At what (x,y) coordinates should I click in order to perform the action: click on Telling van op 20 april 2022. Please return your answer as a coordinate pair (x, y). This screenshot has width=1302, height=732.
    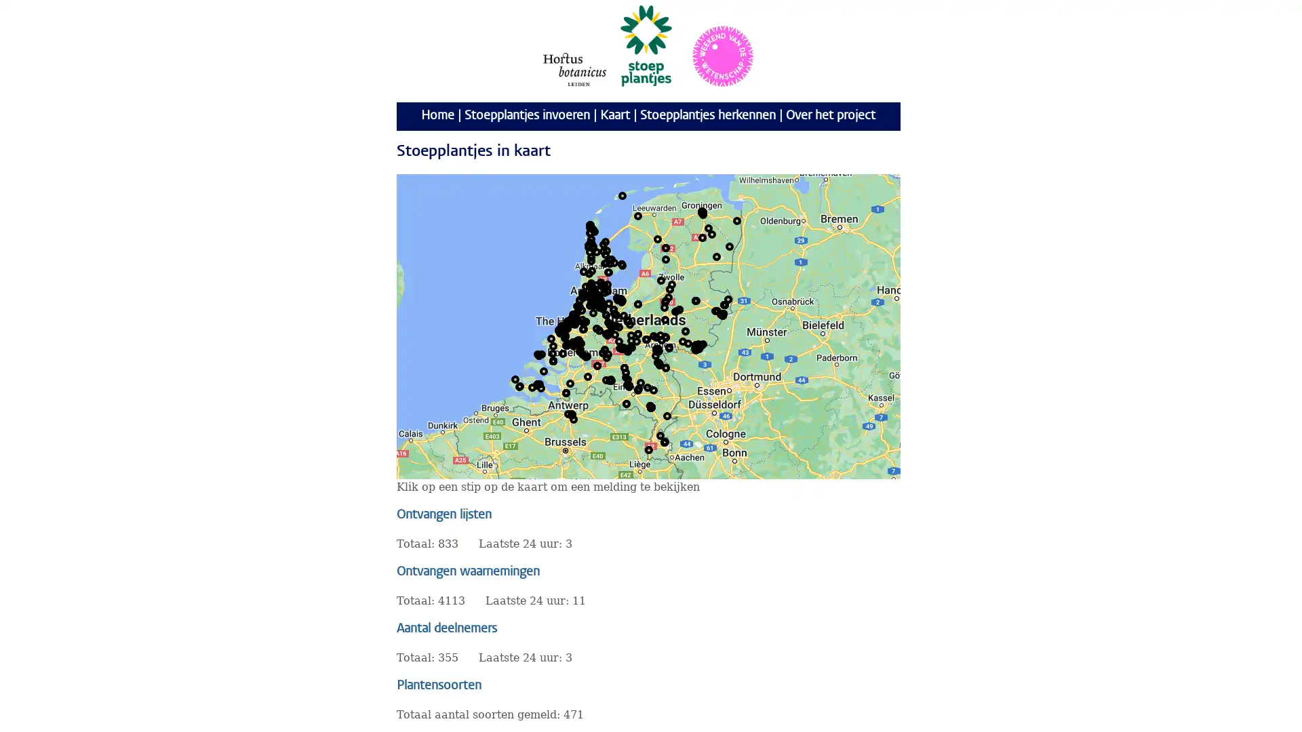
    Looking at the image, I should click on (576, 321).